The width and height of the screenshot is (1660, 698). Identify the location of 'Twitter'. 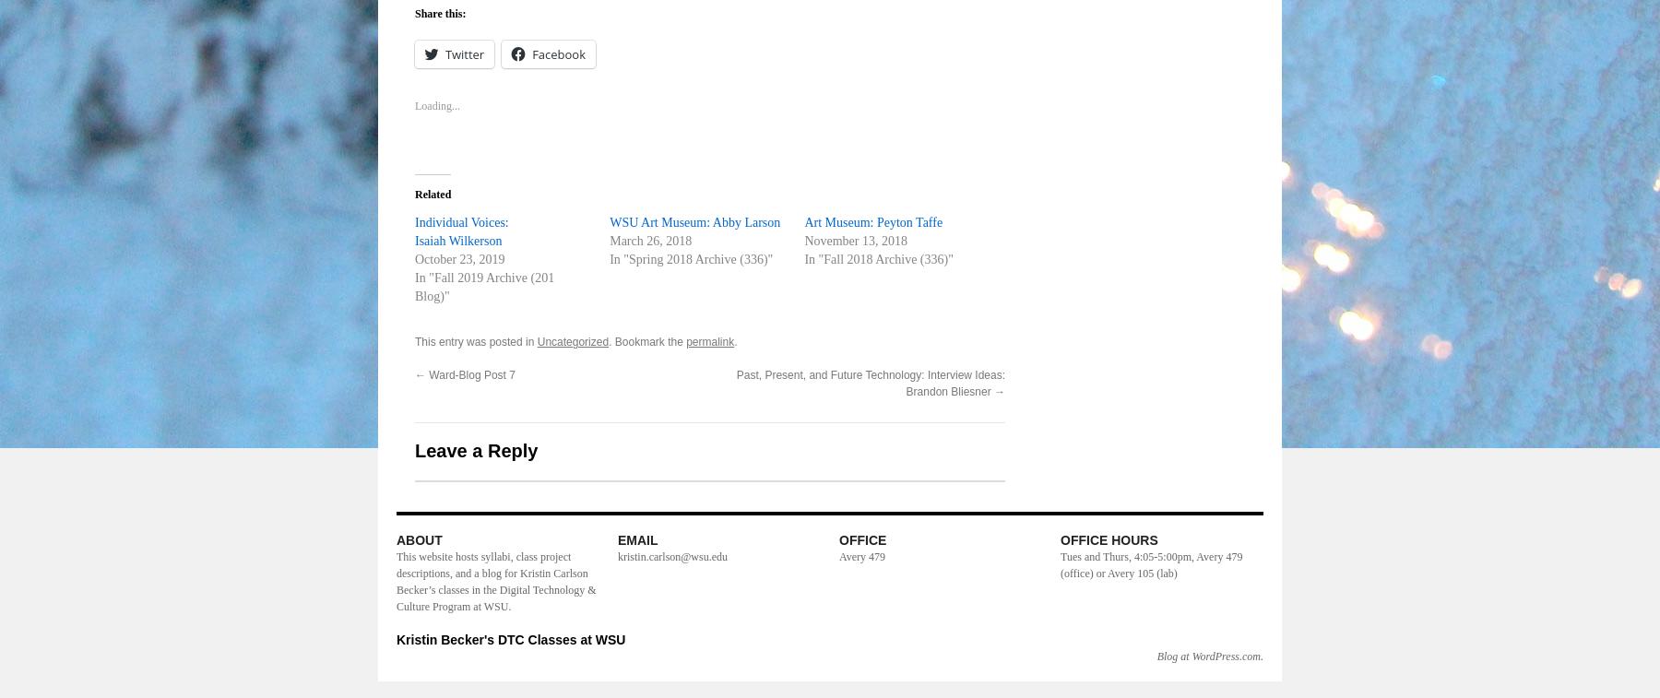
(464, 53).